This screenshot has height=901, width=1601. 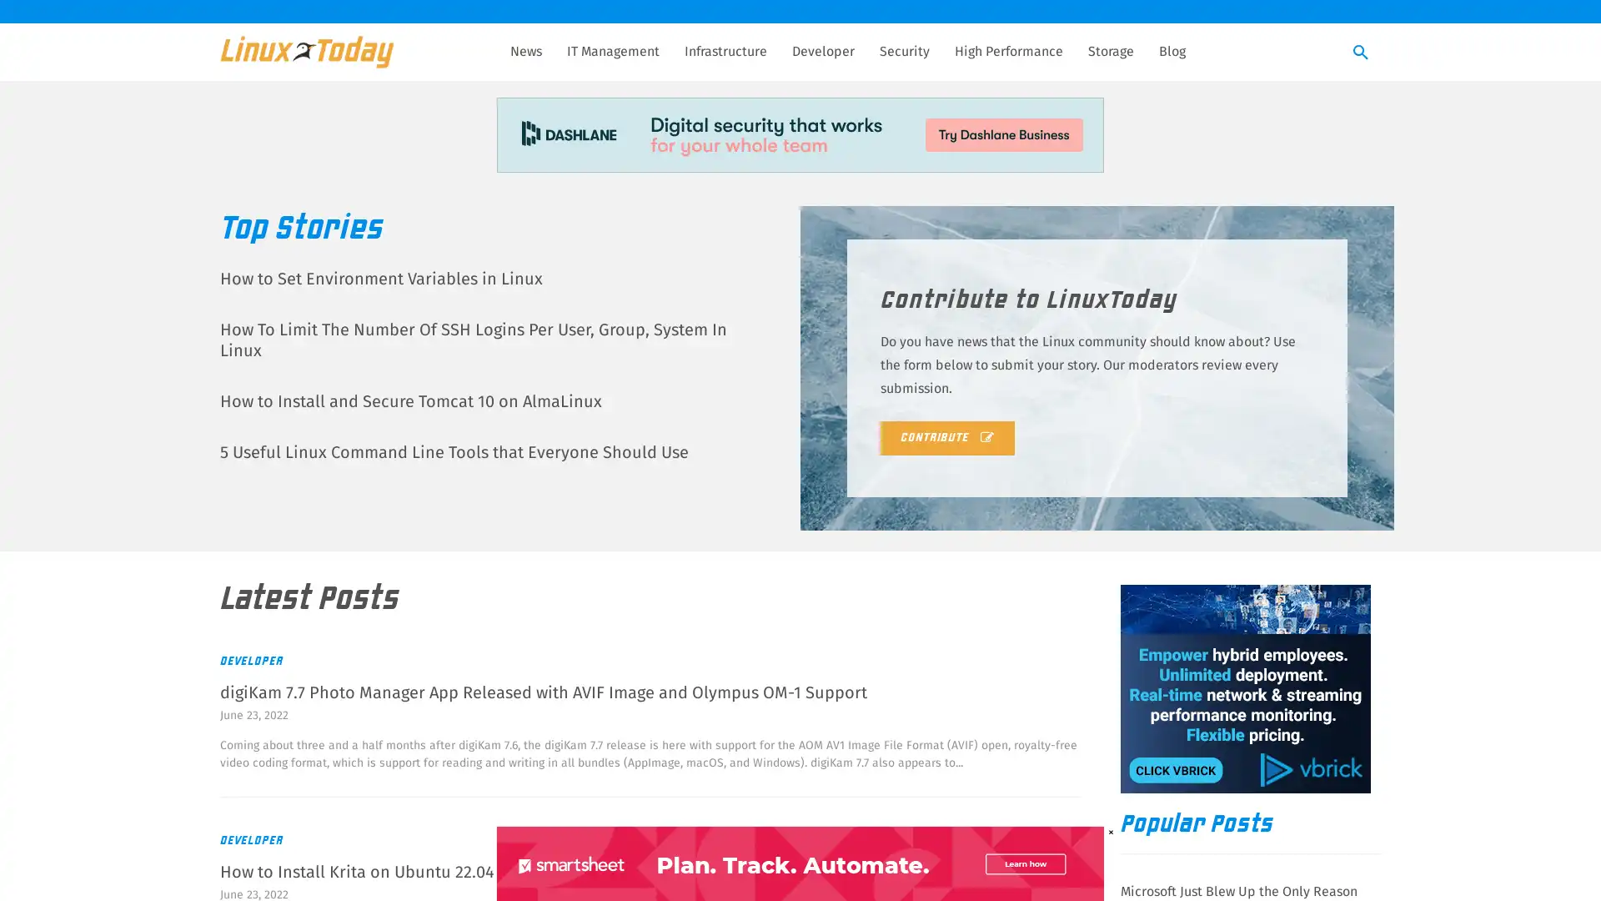 What do you see at coordinates (1361, 53) in the screenshot?
I see `Search` at bounding box center [1361, 53].